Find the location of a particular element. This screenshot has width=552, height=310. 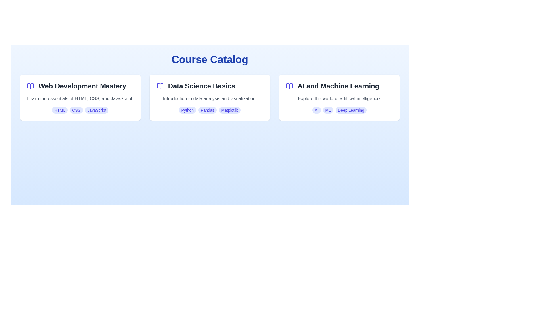

the first tag or badge labeled 'AI' in the 'AI and Machine Learning' section, which is positioned at the leftmost among the three labels is located at coordinates (316, 110).